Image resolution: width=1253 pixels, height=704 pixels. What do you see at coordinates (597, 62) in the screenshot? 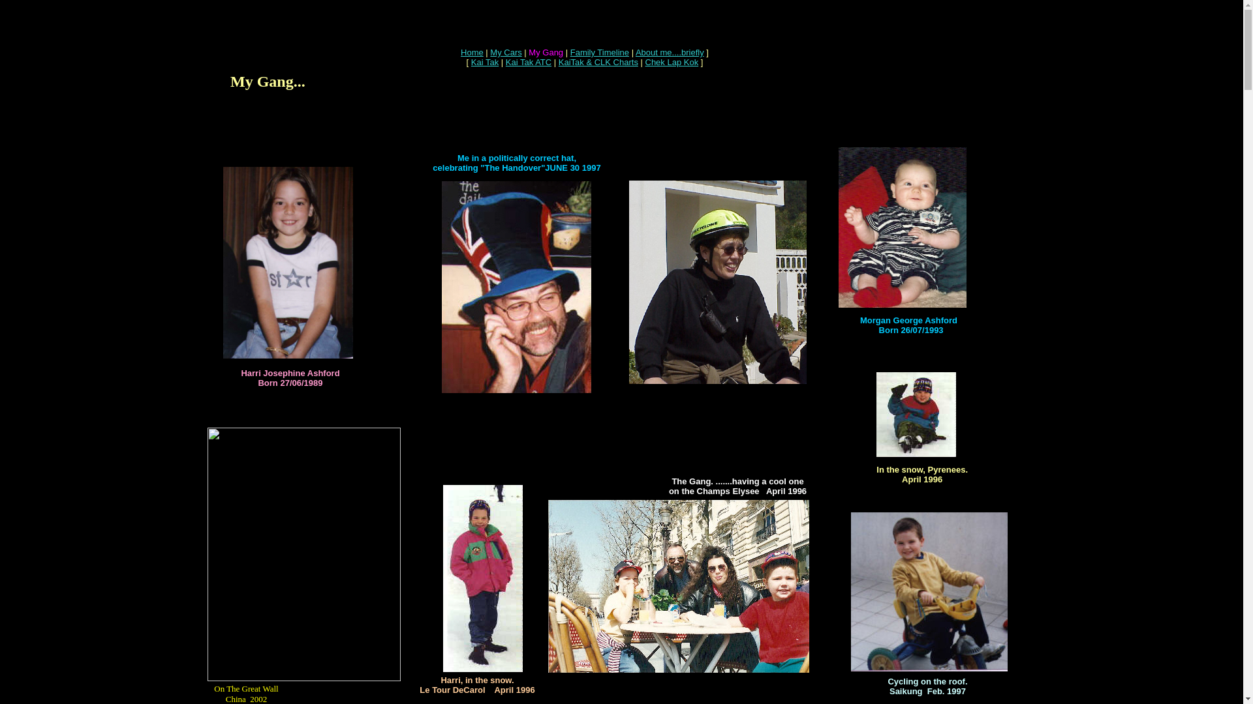
I see `'KaiTak & CLK Charts'` at bounding box center [597, 62].